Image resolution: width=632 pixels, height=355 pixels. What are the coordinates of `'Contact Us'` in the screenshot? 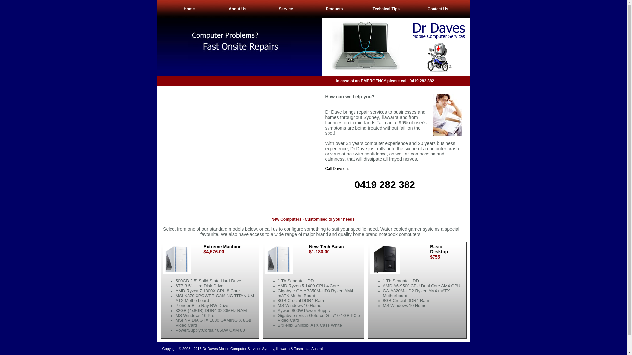 It's located at (438, 9).